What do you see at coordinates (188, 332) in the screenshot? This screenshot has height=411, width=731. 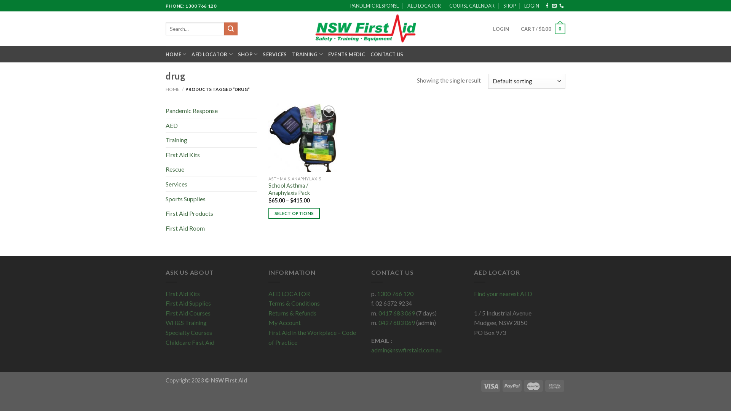 I see `'Specialty Courses'` at bounding box center [188, 332].